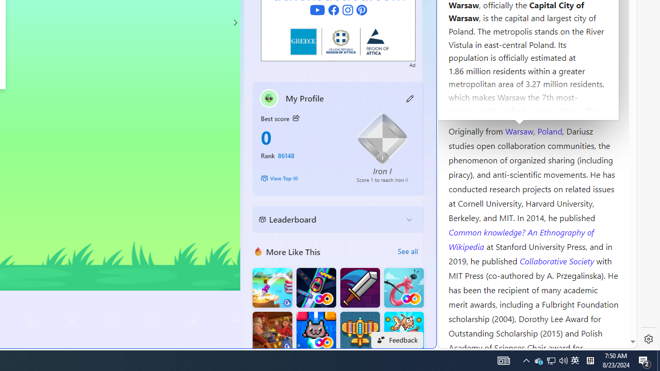 Image resolution: width=660 pixels, height=371 pixels. What do you see at coordinates (272, 288) in the screenshot?
I see `'Knife Flip'` at bounding box center [272, 288].